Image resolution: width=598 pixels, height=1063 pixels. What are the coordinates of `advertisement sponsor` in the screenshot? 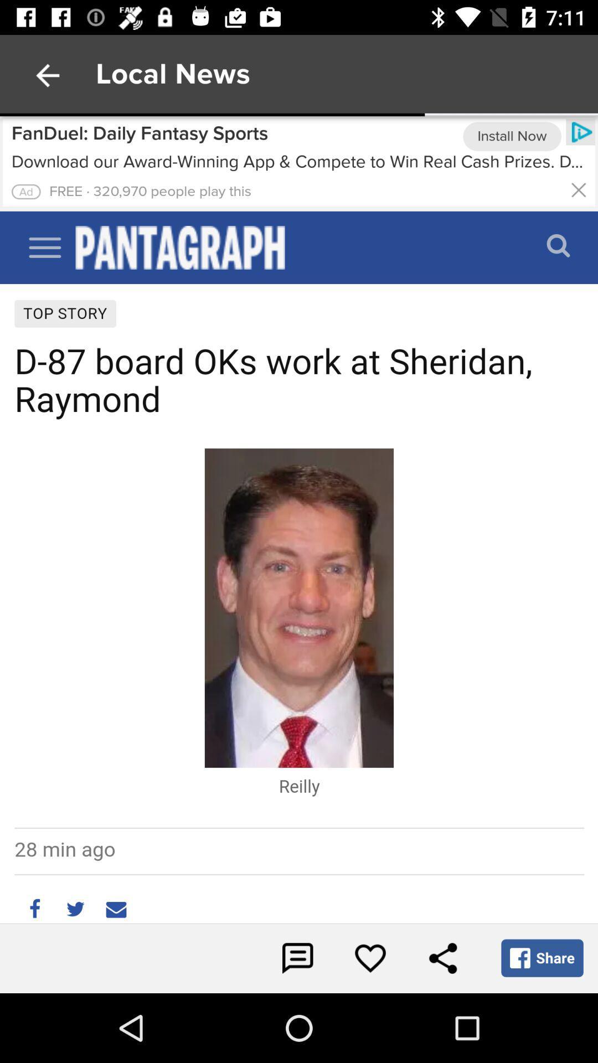 It's located at (299, 163).